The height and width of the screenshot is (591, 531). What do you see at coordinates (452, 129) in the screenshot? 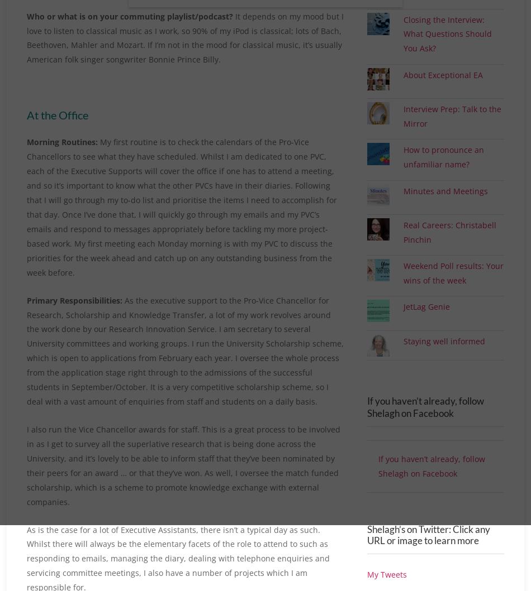
I see `'Interview Prep: Talk to the Mirror'` at bounding box center [452, 129].